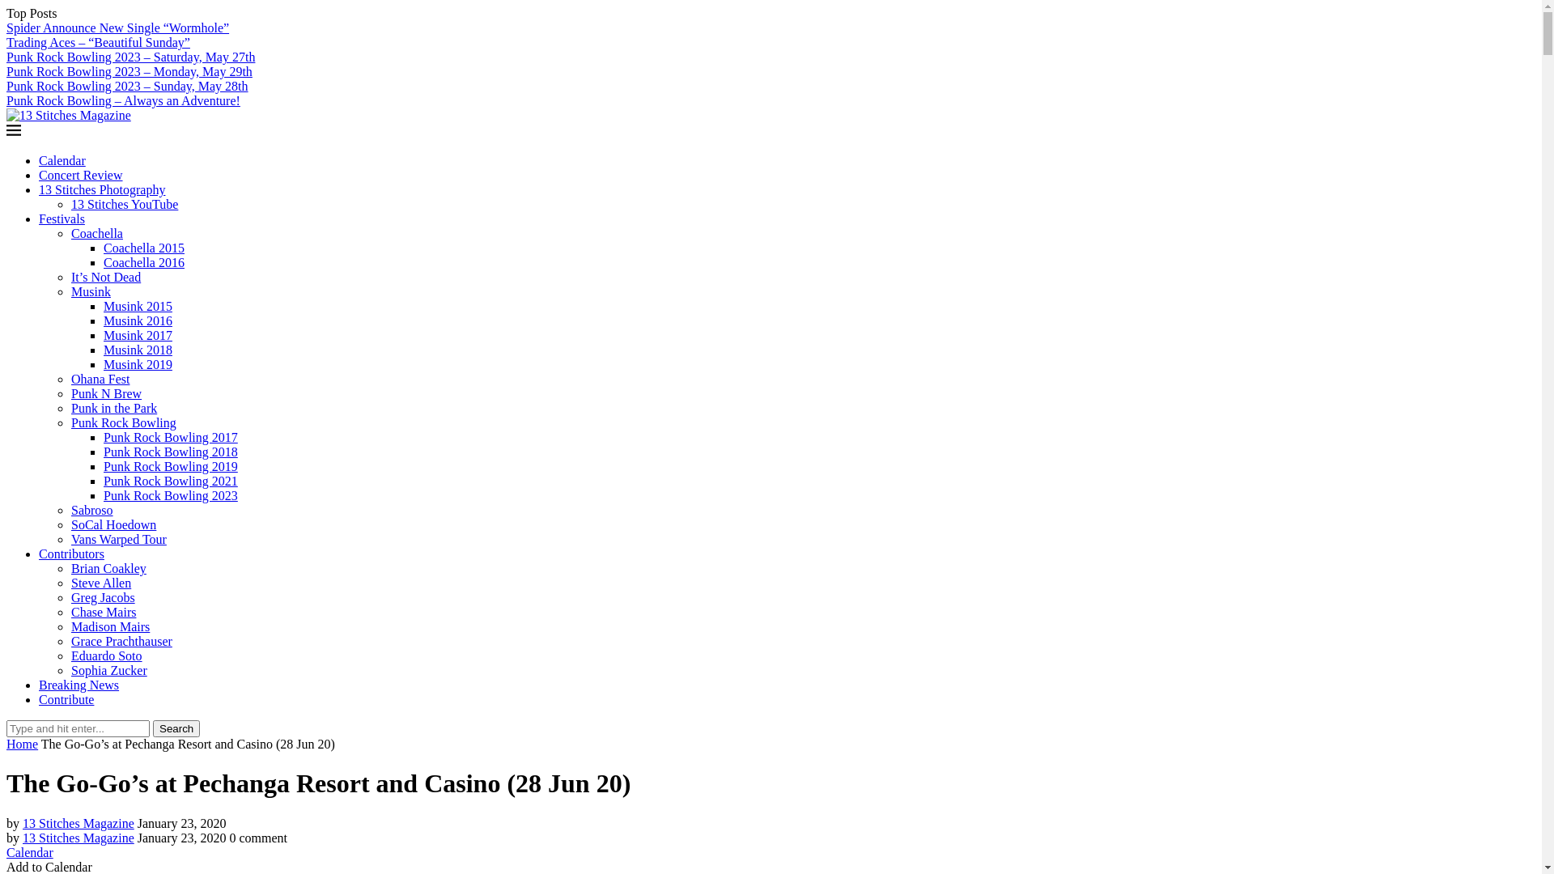  I want to click on 'Festivals', so click(62, 218).